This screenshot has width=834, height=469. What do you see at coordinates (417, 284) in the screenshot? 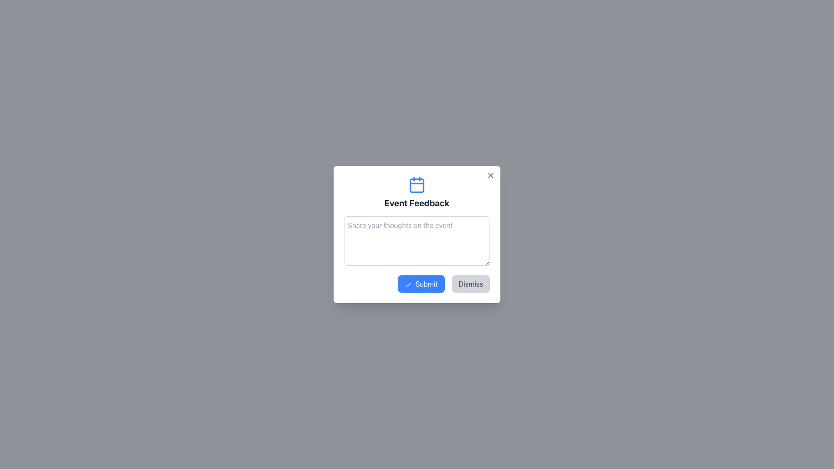
I see `the 'Submit Feedback' button located at the bottom-right of the 'Event Feedback' dialog box` at bounding box center [417, 284].